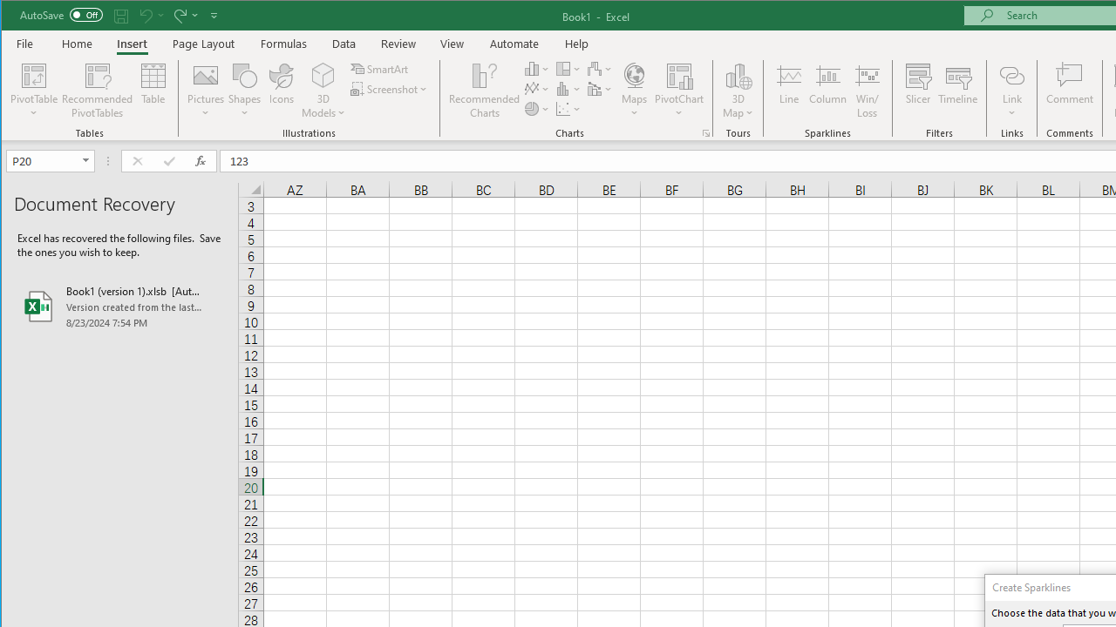 The image size is (1116, 627). I want to click on 'Insert Scatter (X, Y) or Bubble Chart', so click(568, 109).